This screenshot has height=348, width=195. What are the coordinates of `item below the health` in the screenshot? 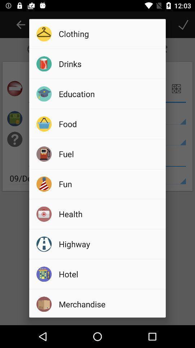 It's located at (109, 244).